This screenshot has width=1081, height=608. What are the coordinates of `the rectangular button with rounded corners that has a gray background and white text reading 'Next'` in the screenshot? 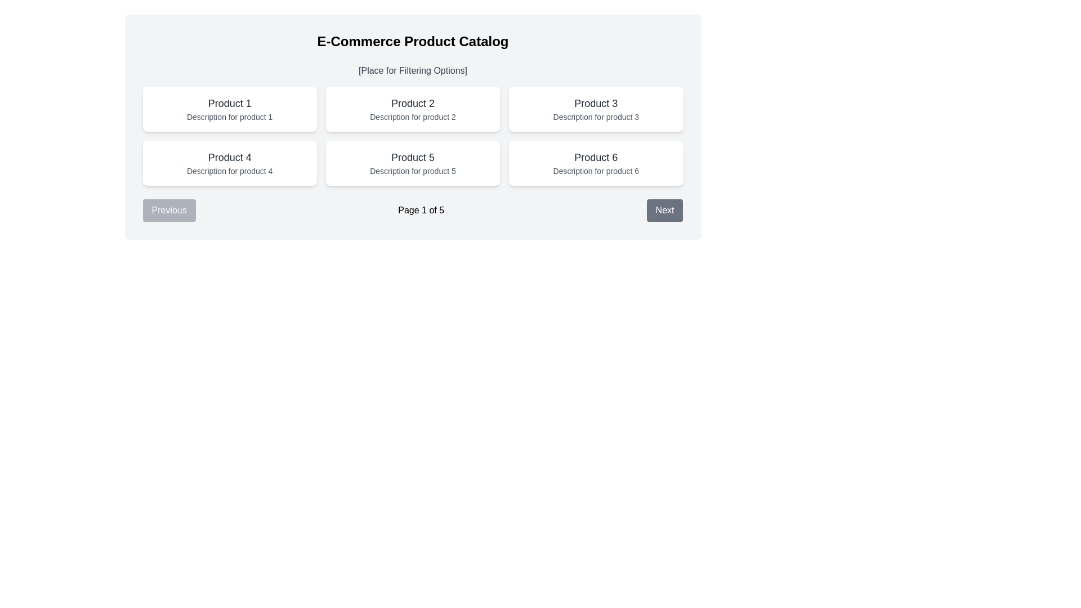 It's located at (664, 211).